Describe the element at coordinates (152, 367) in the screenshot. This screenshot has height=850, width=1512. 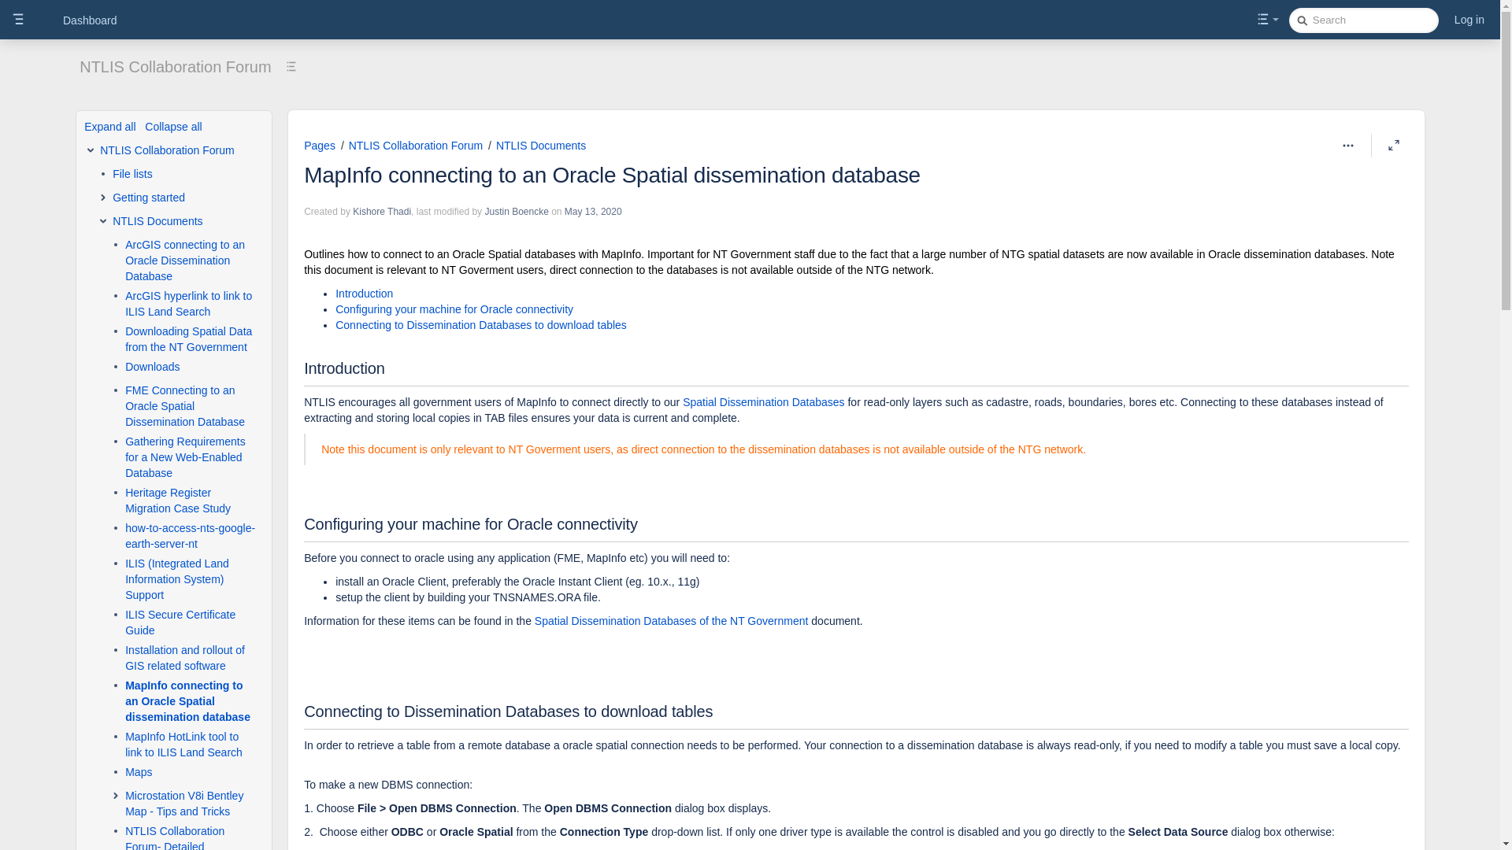
I see `'Downloads'` at that location.